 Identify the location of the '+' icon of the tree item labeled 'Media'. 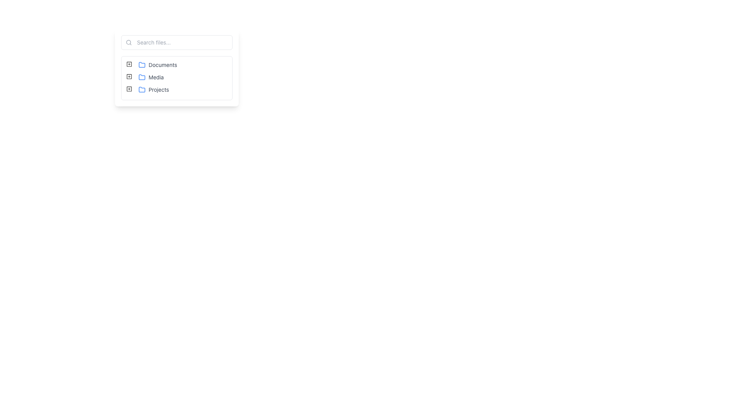
(146, 77).